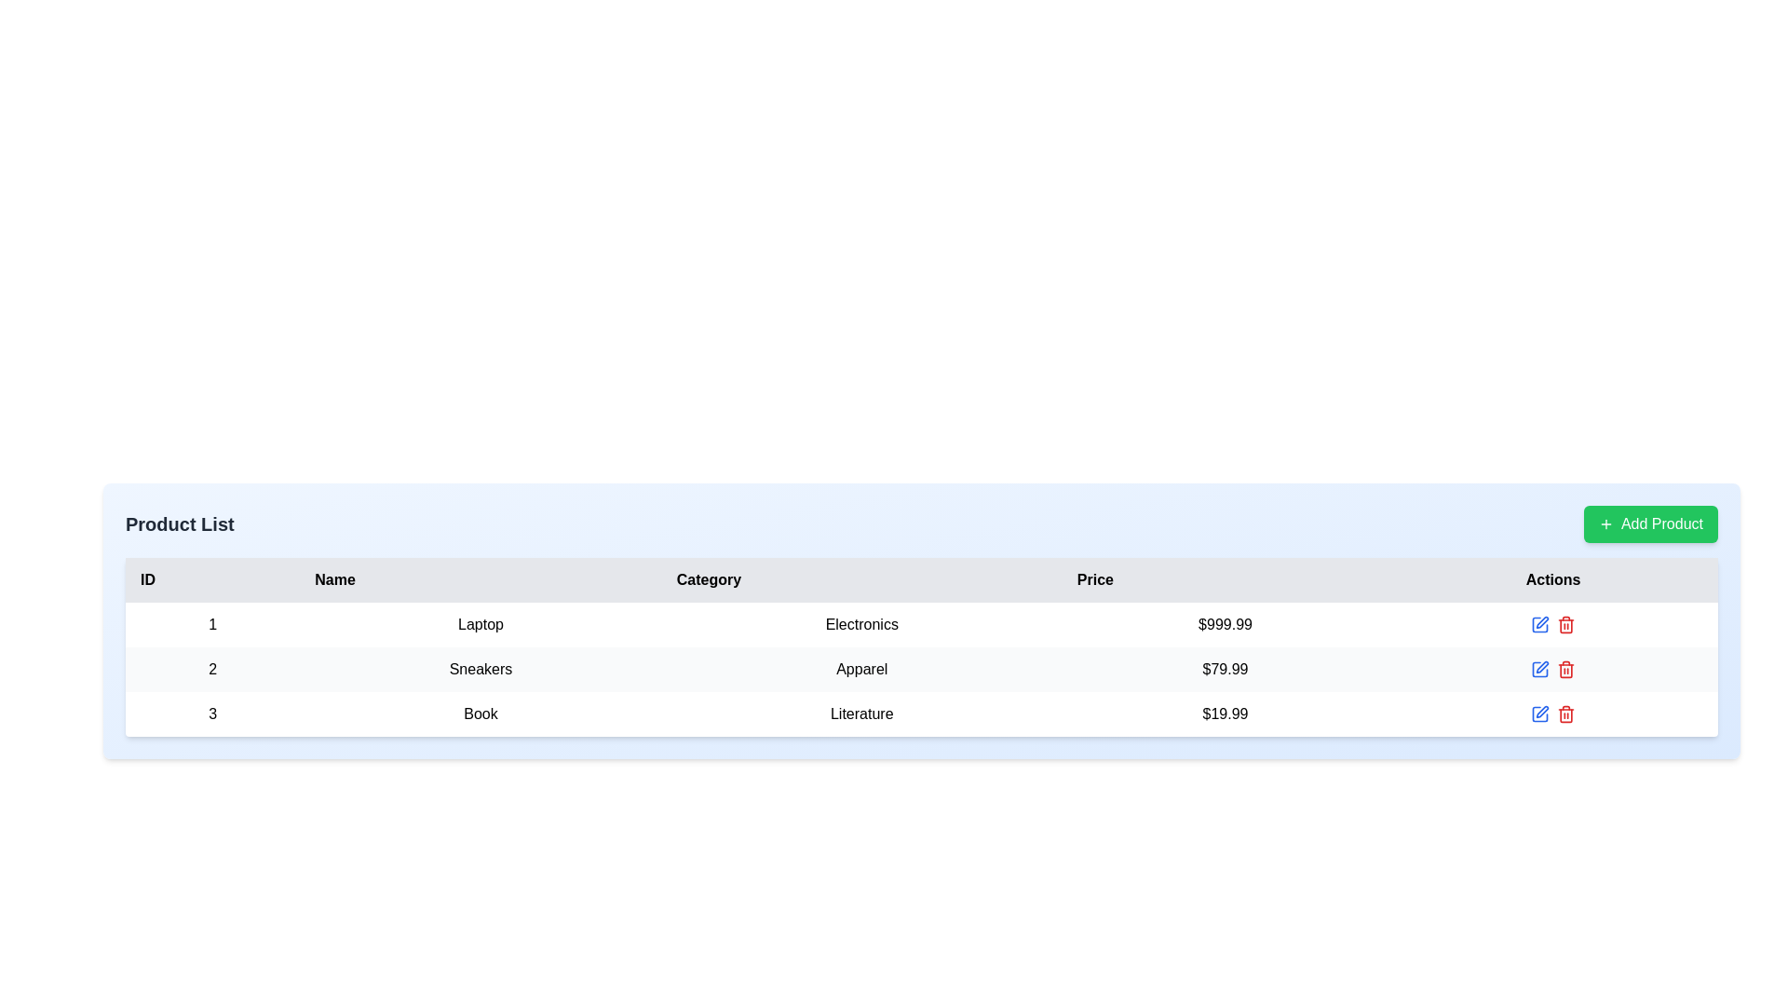 Image resolution: width=1788 pixels, height=1006 pixels. What do you see at coordinates (1225, 714) in the screenshot?
I see `the static text displaying the monetary value '$19.99' in the last row under the 'Price' column of the table` at bounding box center [1225, 714].